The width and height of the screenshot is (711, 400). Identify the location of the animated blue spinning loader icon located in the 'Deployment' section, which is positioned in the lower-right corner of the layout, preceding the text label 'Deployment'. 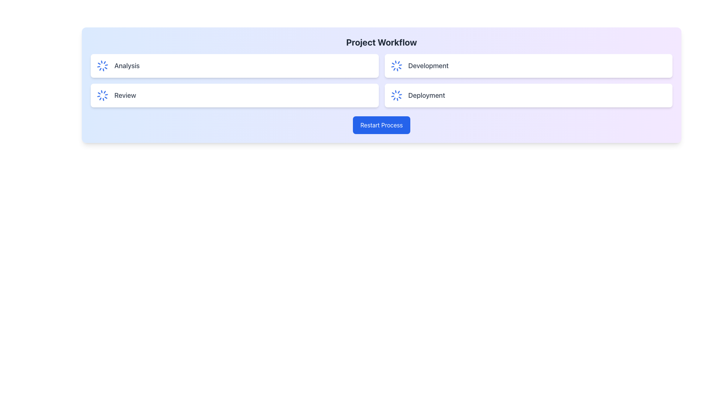
(396, 95).